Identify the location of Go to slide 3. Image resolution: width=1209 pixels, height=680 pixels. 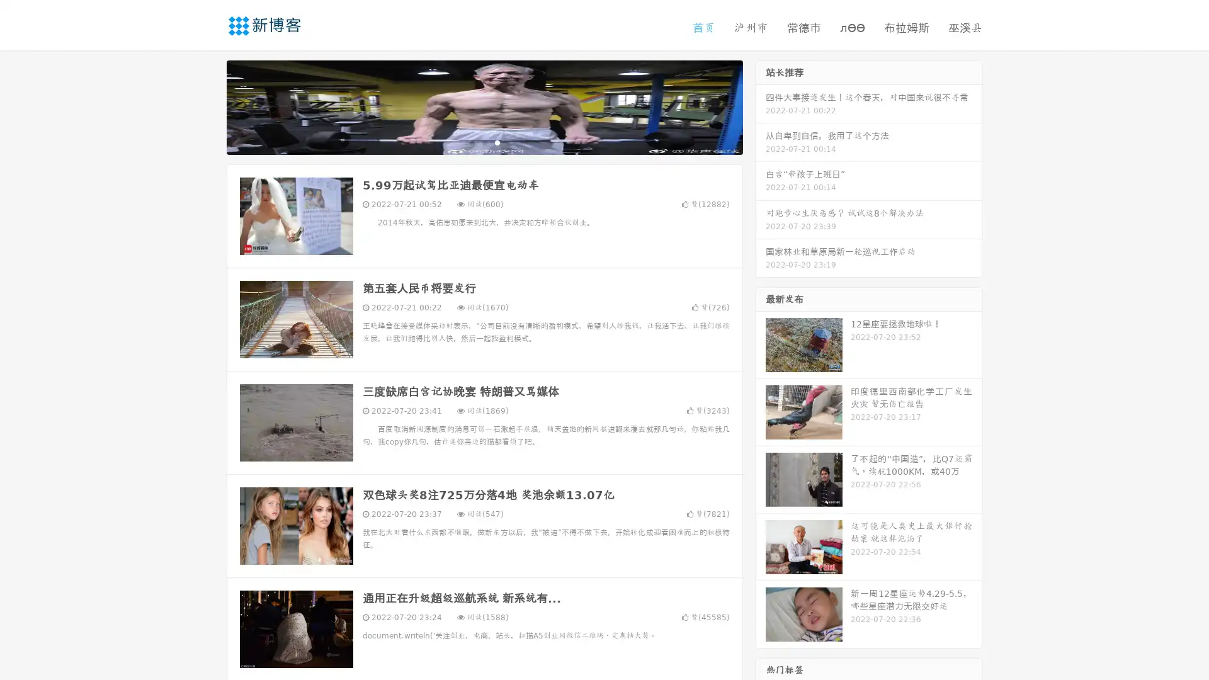
(497, 142).